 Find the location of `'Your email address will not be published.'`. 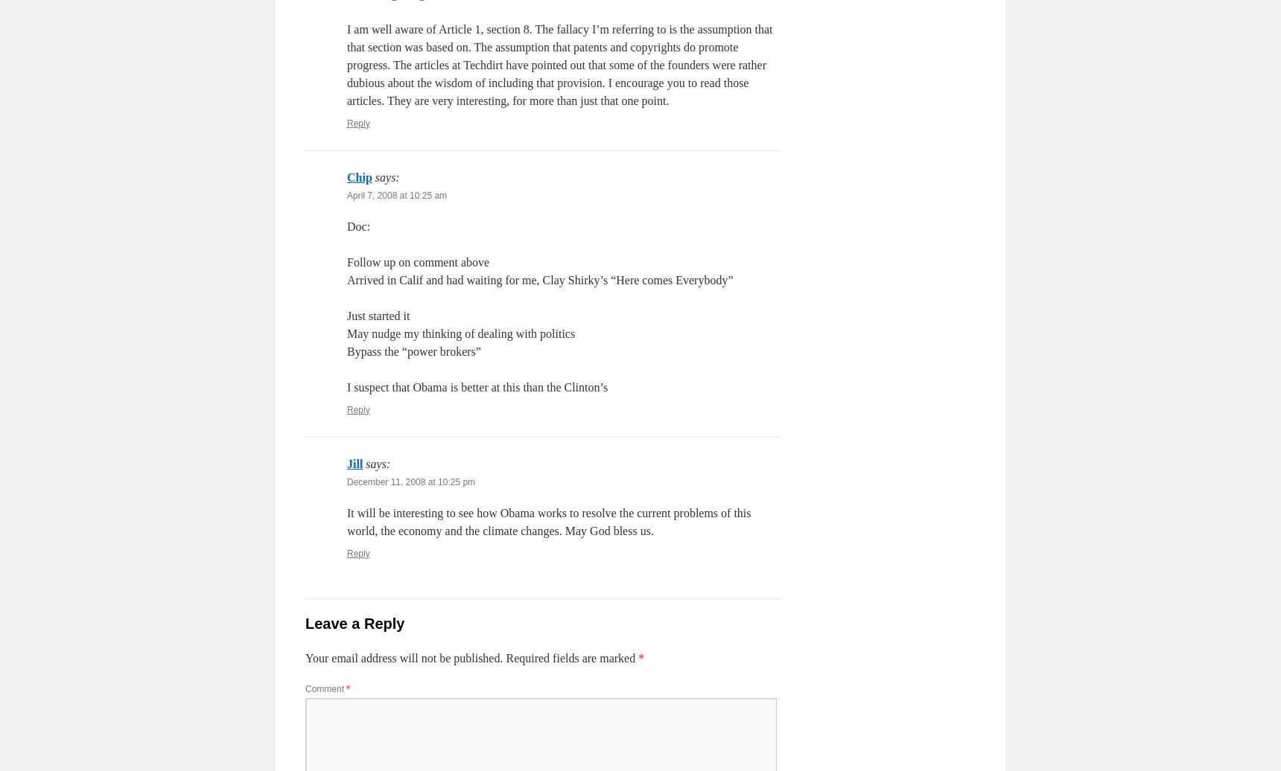

'Your email address will not be published.' is located at coordinates (404, 657).